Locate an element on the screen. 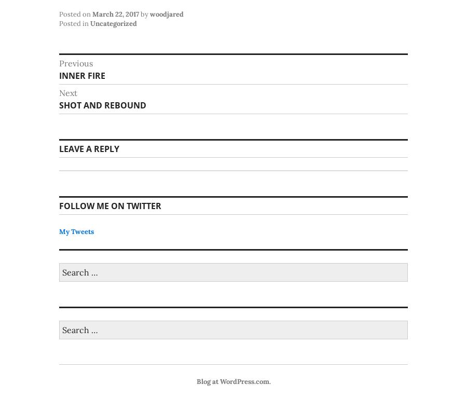 Image resolution: width=467 pixels, height=399 pixels. 'My Tweets' is located at coordinates (76, 231).